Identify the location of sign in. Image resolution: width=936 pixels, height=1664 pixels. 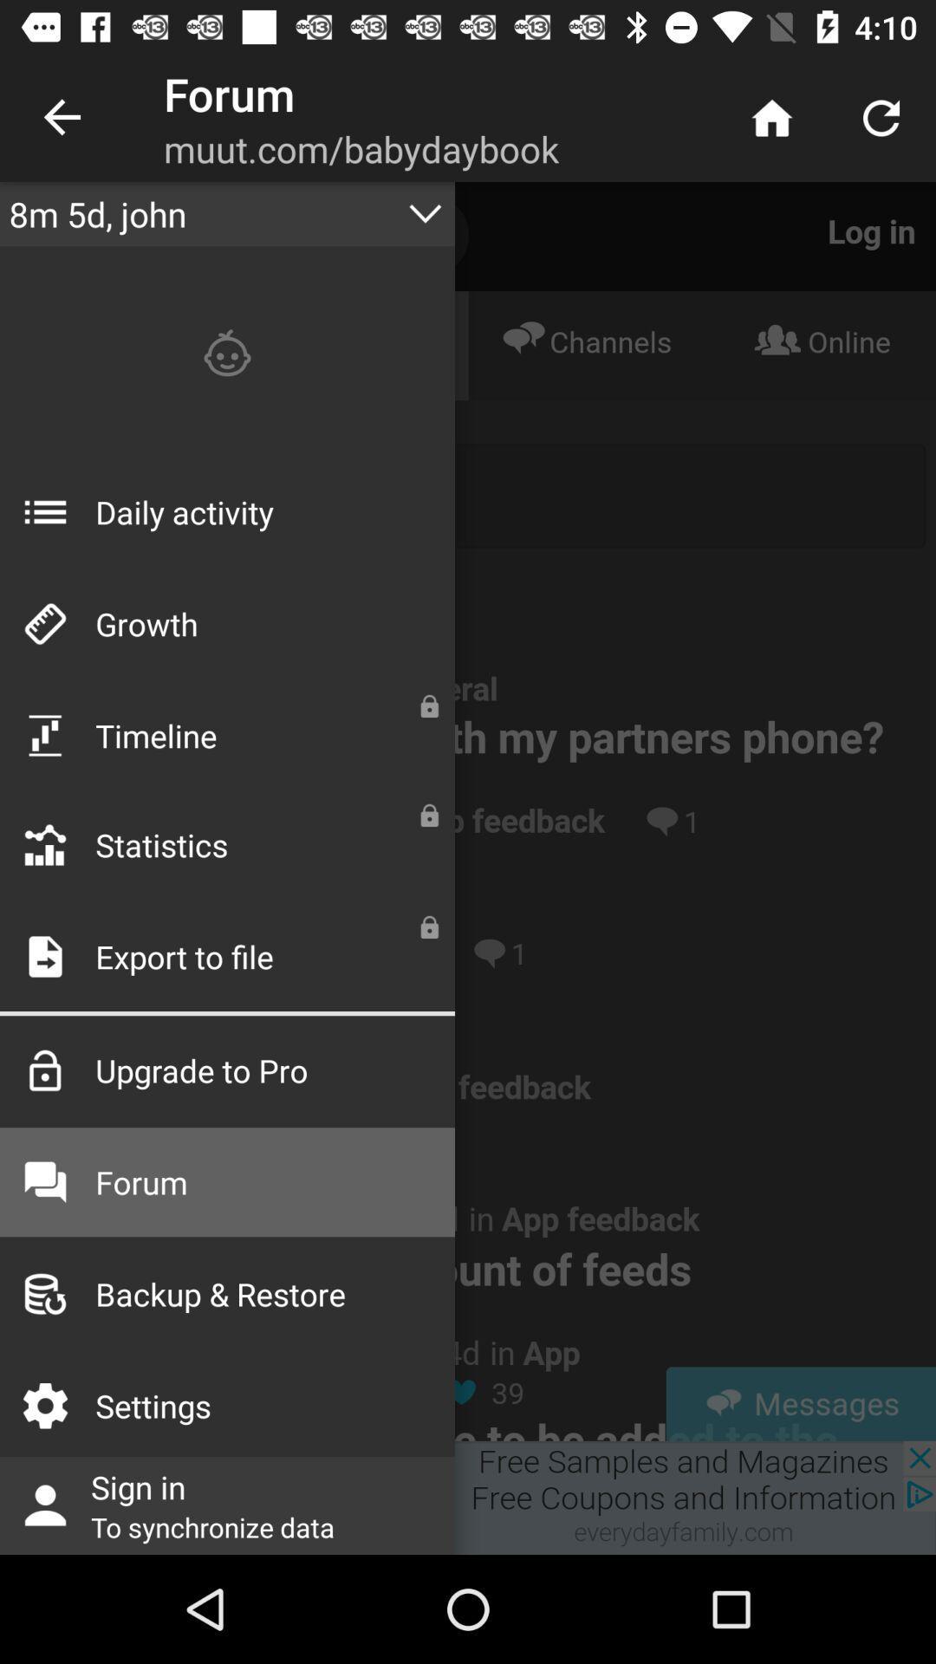
(468, 1497).